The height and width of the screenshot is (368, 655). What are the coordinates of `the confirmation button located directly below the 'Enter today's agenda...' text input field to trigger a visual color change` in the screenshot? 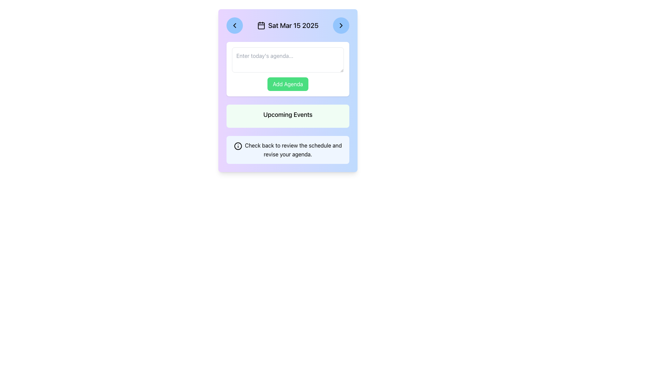 It's located at (288, 83).